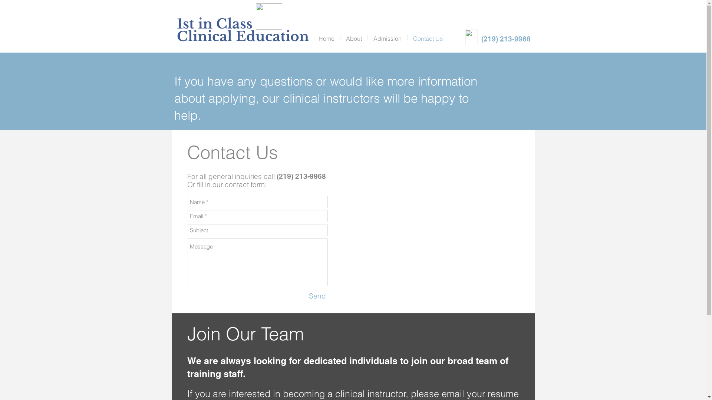 This screenshot has height=400, width=712. I want to click on '1st in Class', so click(214, 23).